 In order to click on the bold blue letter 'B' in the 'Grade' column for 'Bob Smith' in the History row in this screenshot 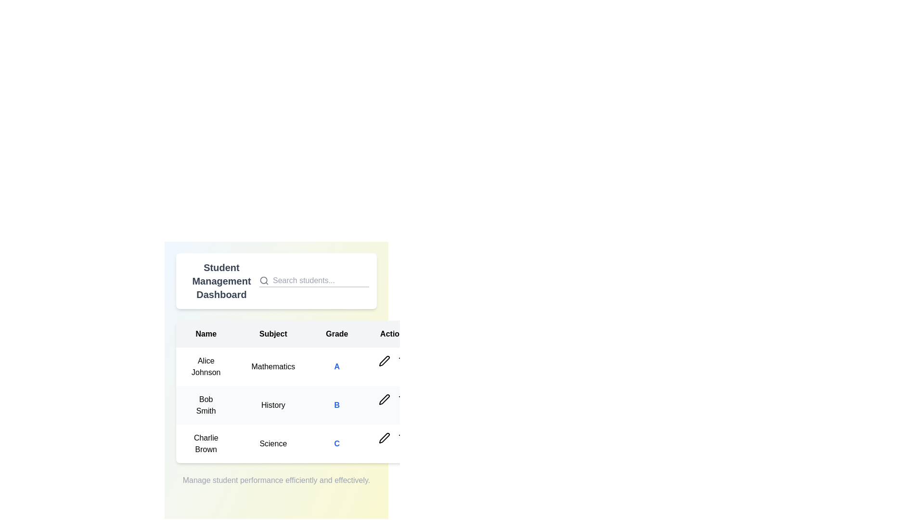, I will do `click(337, 405)`.